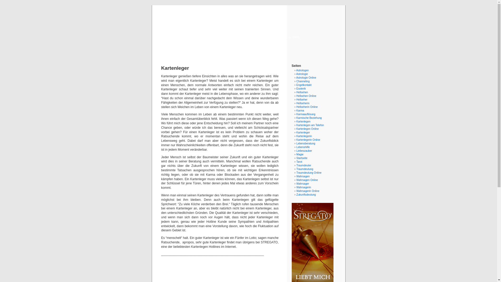  What do you see at coordinates (296, 180) in the screenshot?
I see `'Wahrsagen Online'` at bounding box center [296, 180].